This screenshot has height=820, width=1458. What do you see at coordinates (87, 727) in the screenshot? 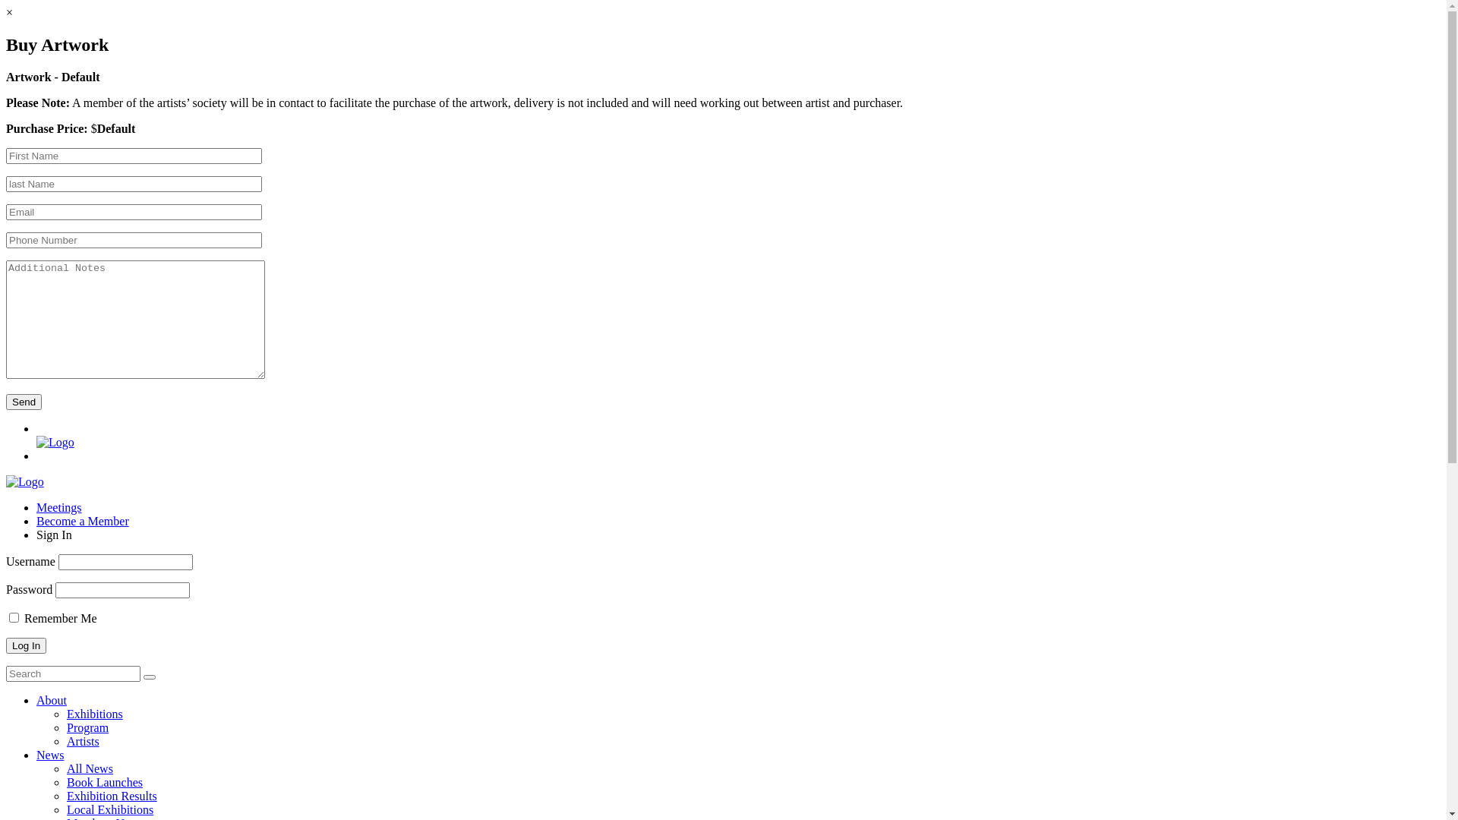
I see `'Program'` at bounding box center [87, 727].